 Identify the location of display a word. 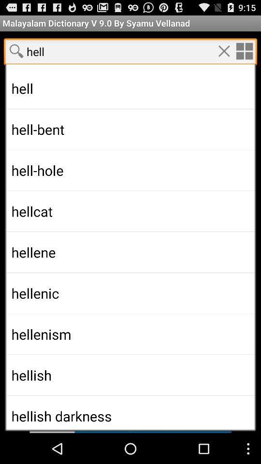
(130, 417).